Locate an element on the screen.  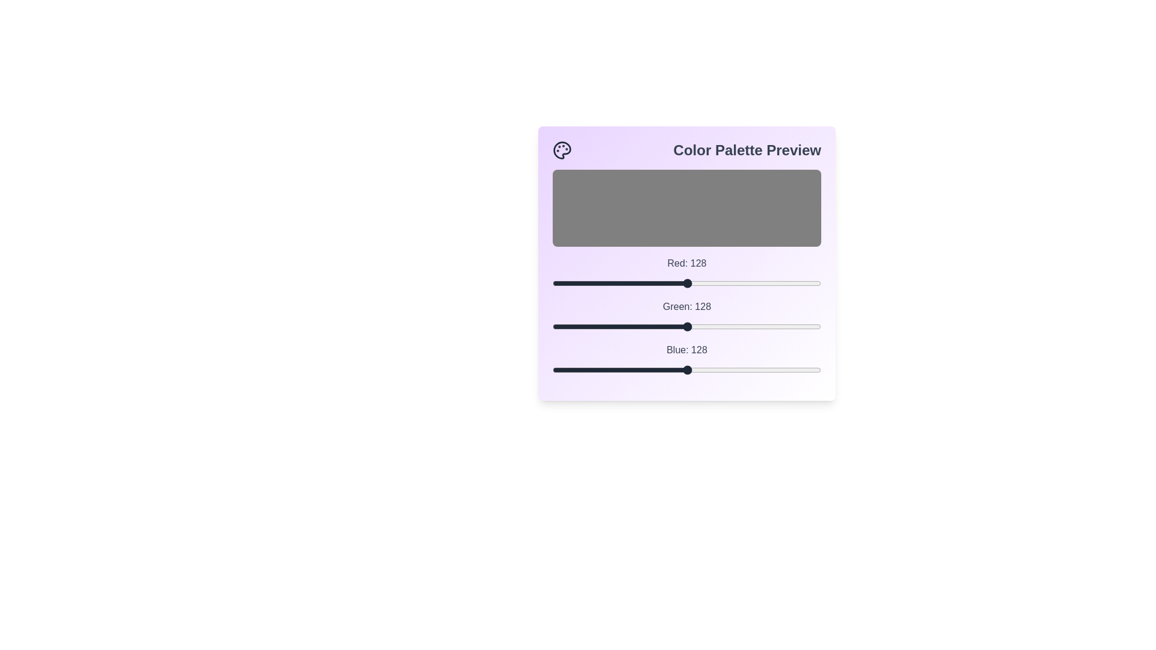
the green intensity is located at coordinates (771, 327).